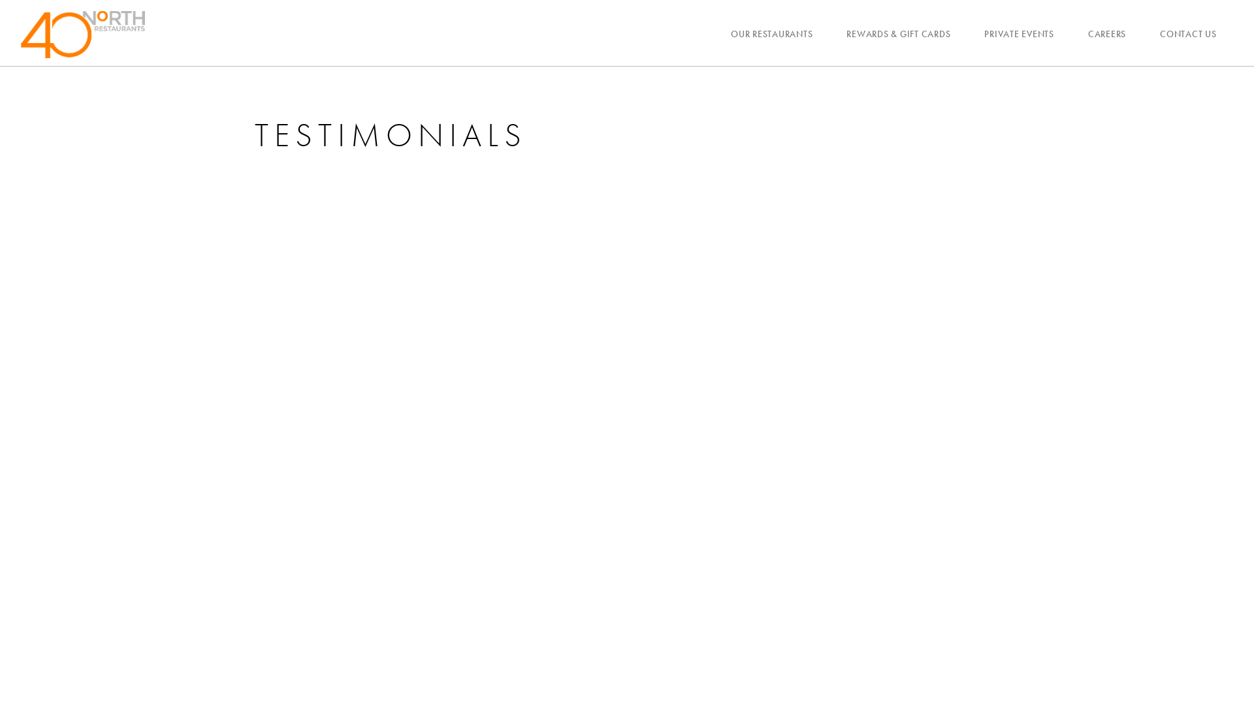 This screenshot has height=705, width=1254. Describe the element at coordinates (1142, 33) in the screenshot. I see `'CONTACT US'` at that location.